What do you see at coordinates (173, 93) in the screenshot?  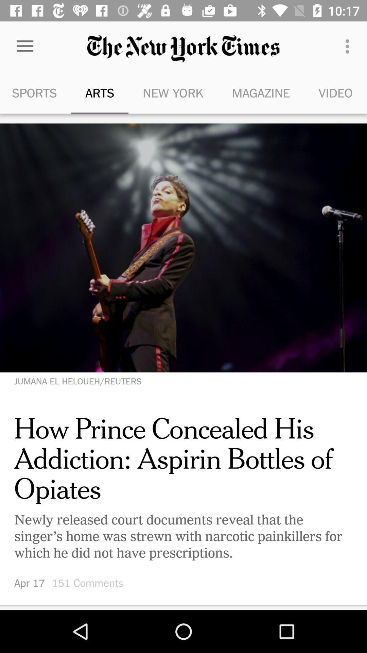 I see `new york item` at bounding box center [173, 93].